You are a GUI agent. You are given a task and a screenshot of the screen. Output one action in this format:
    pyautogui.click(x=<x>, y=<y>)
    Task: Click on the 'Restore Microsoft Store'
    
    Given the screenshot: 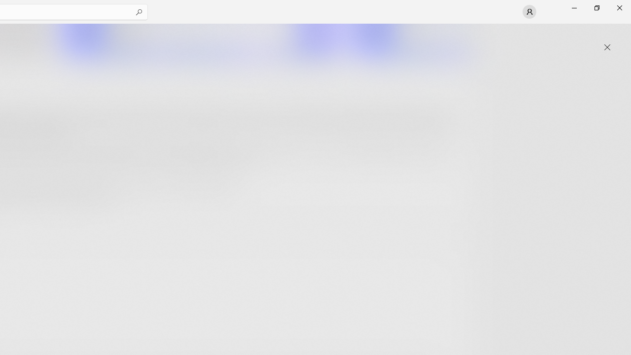 What is the action you would take?
    pyautogui.click(x=596, y=7)
    